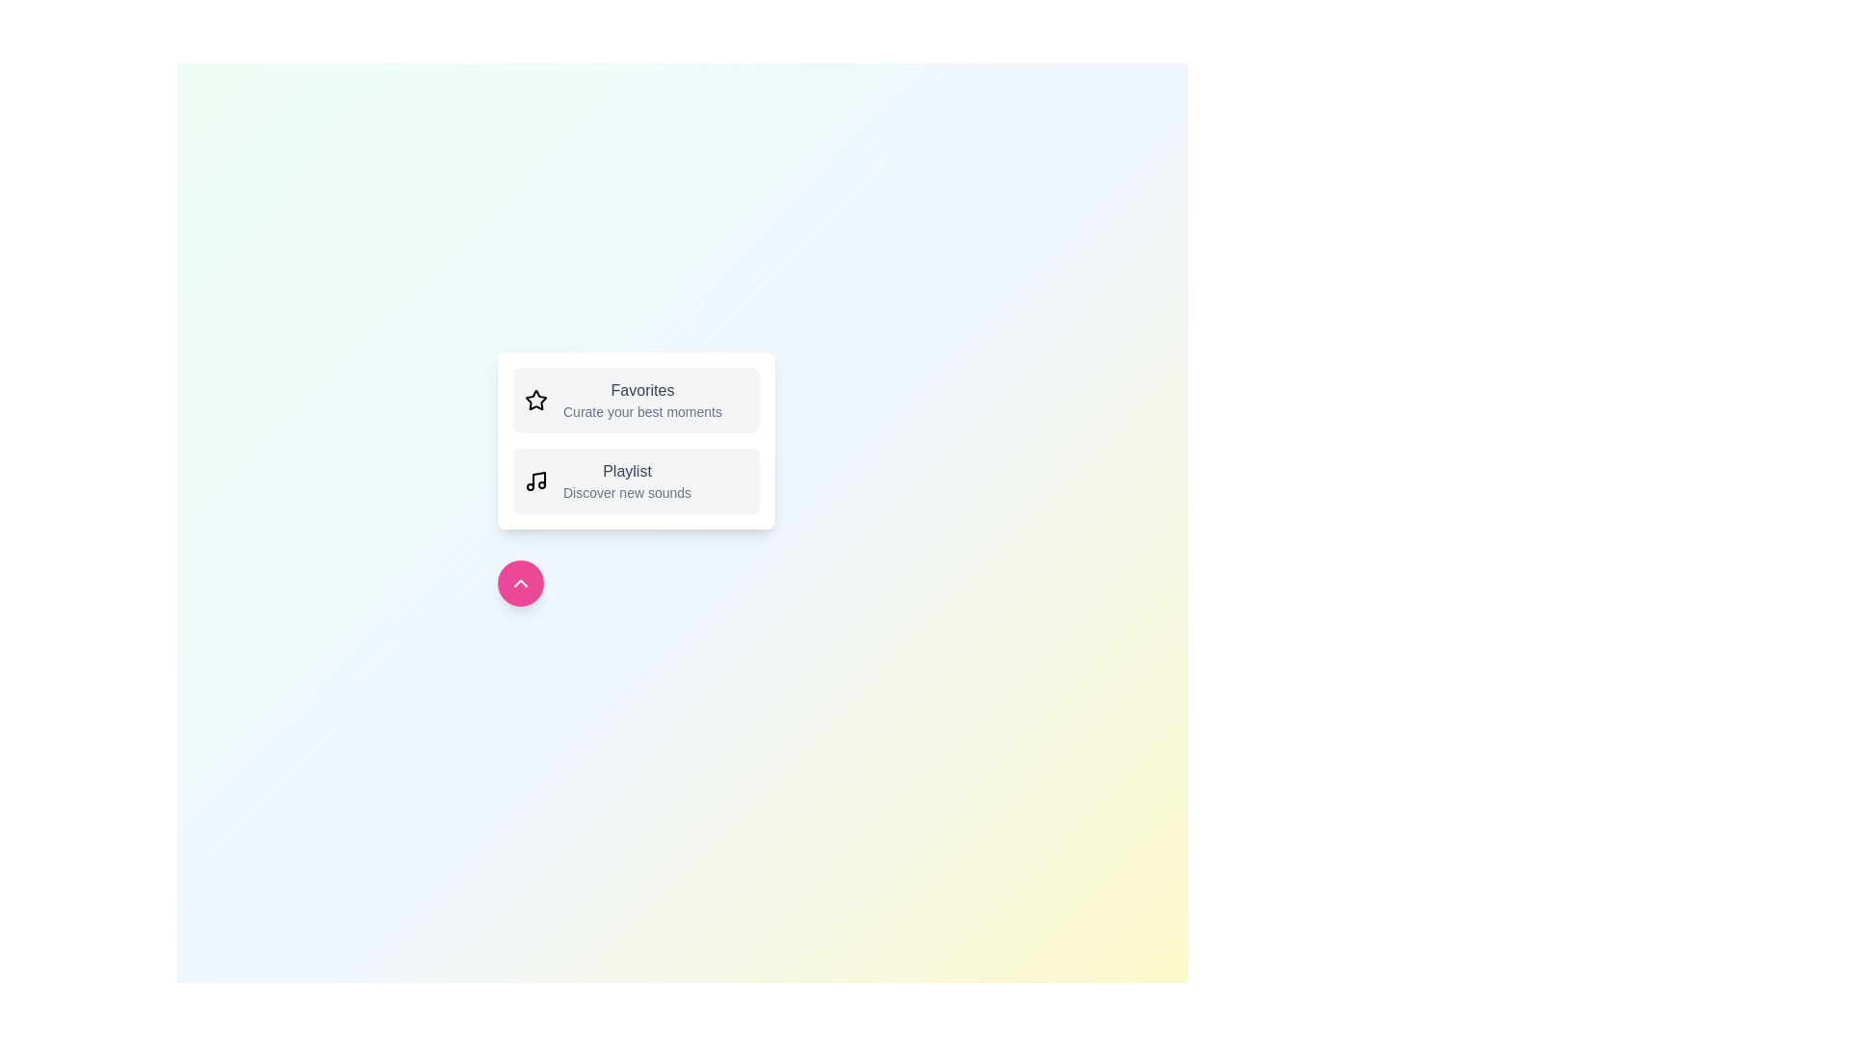 Image resolution: width=1849 pixels, height=1040 pixels. What do you see at coordinates (521, 582) in the screenshot?
I see `toggle button to toggle the menu visibility` at bounding box center [521, 582].